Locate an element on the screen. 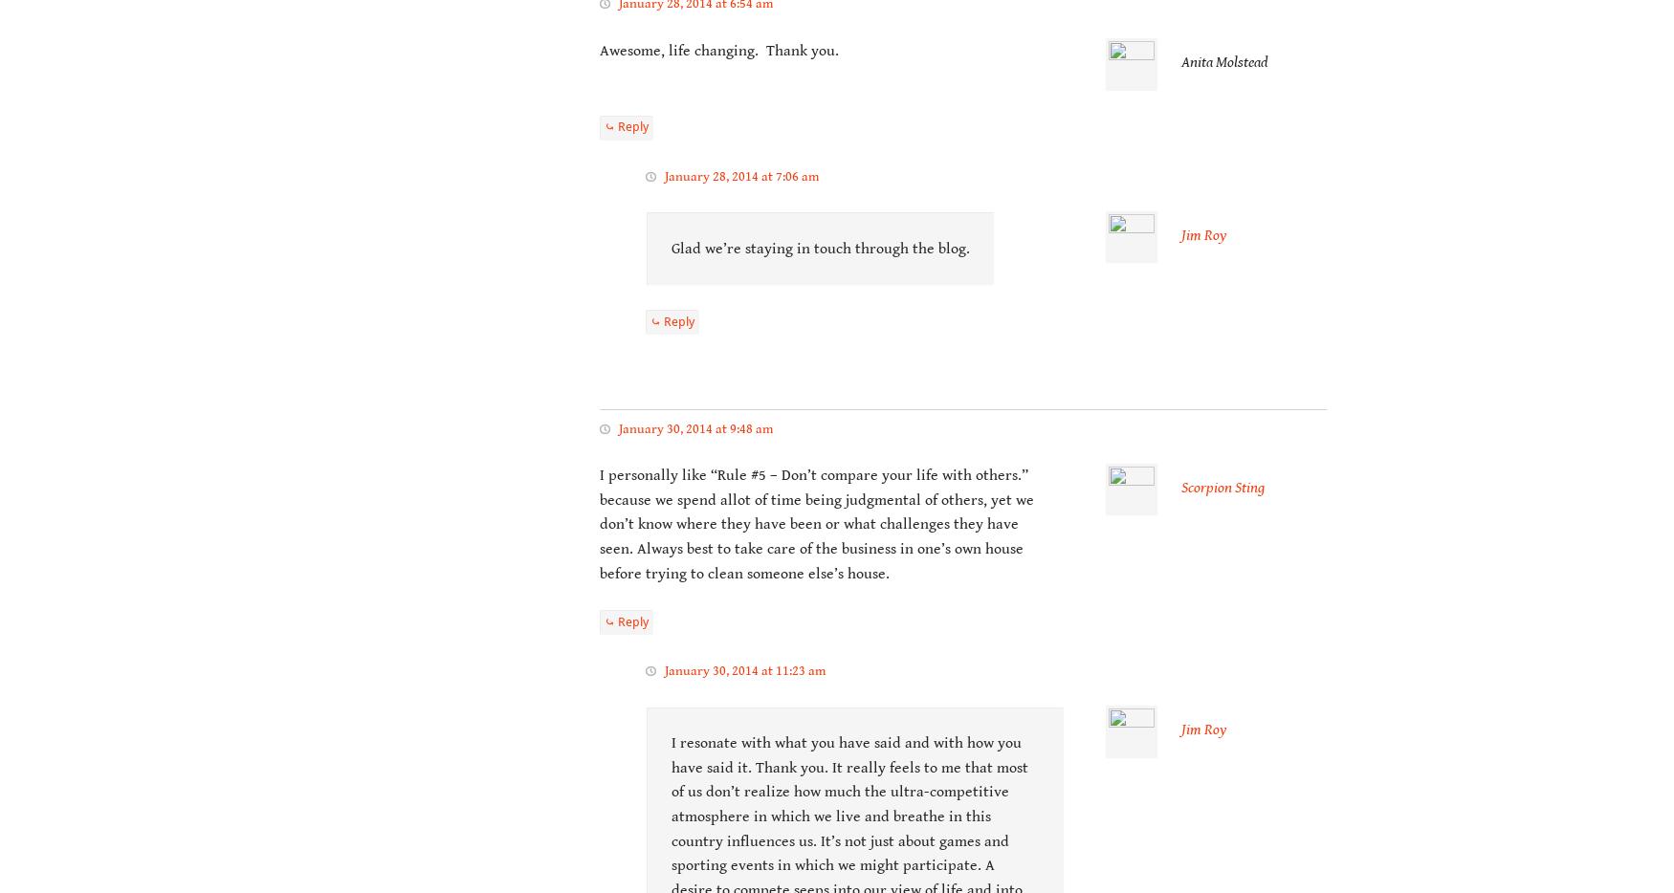 This screenshot has width=1674, height=893. 'Anita Molstead' is located at coordinates (1180, 62).